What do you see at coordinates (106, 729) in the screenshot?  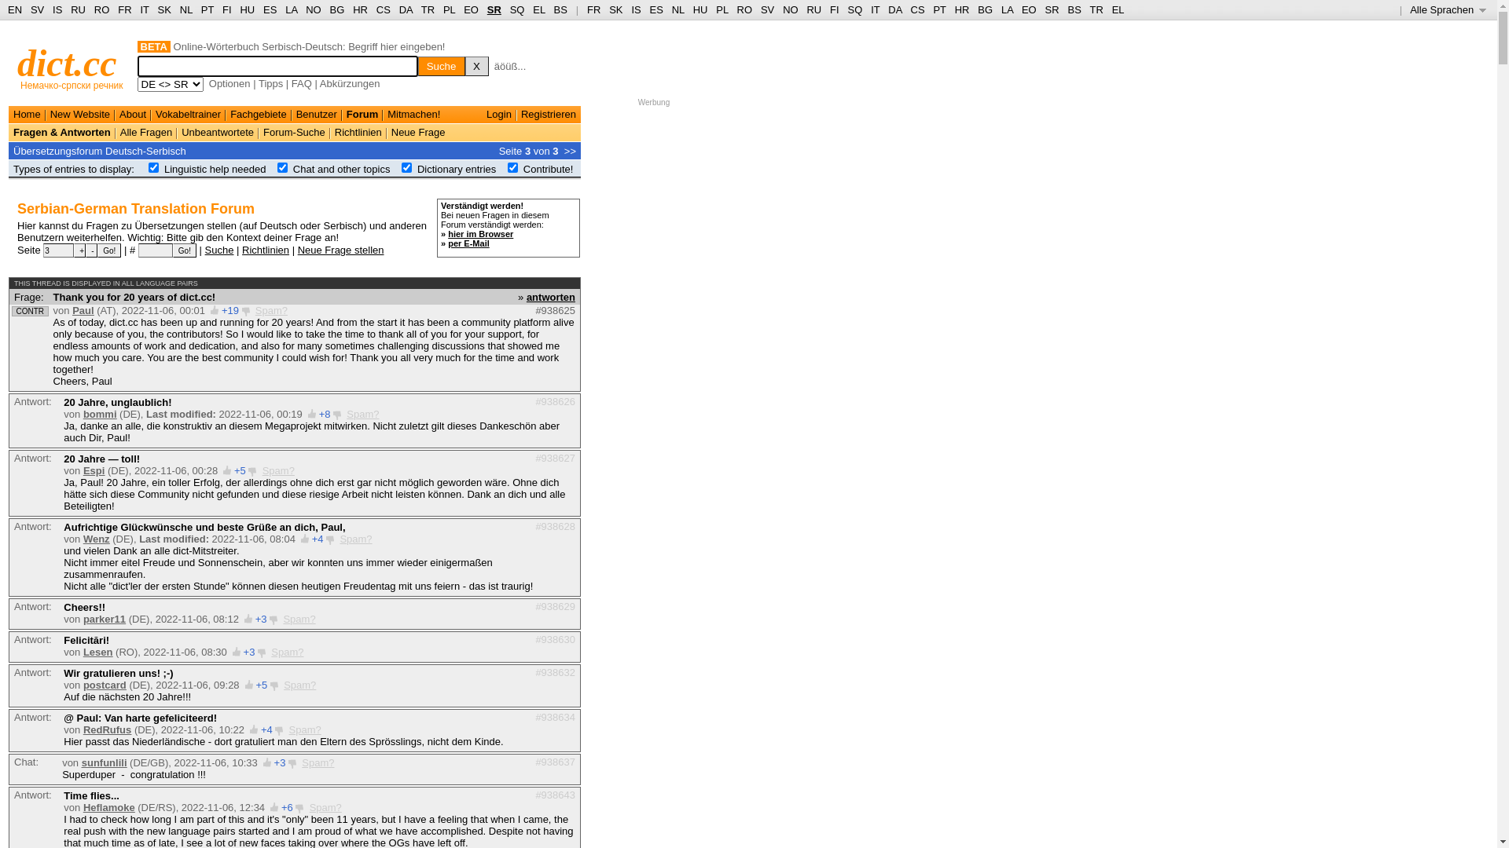 I see `'RedRufus'` at bounding box center [106, 729].